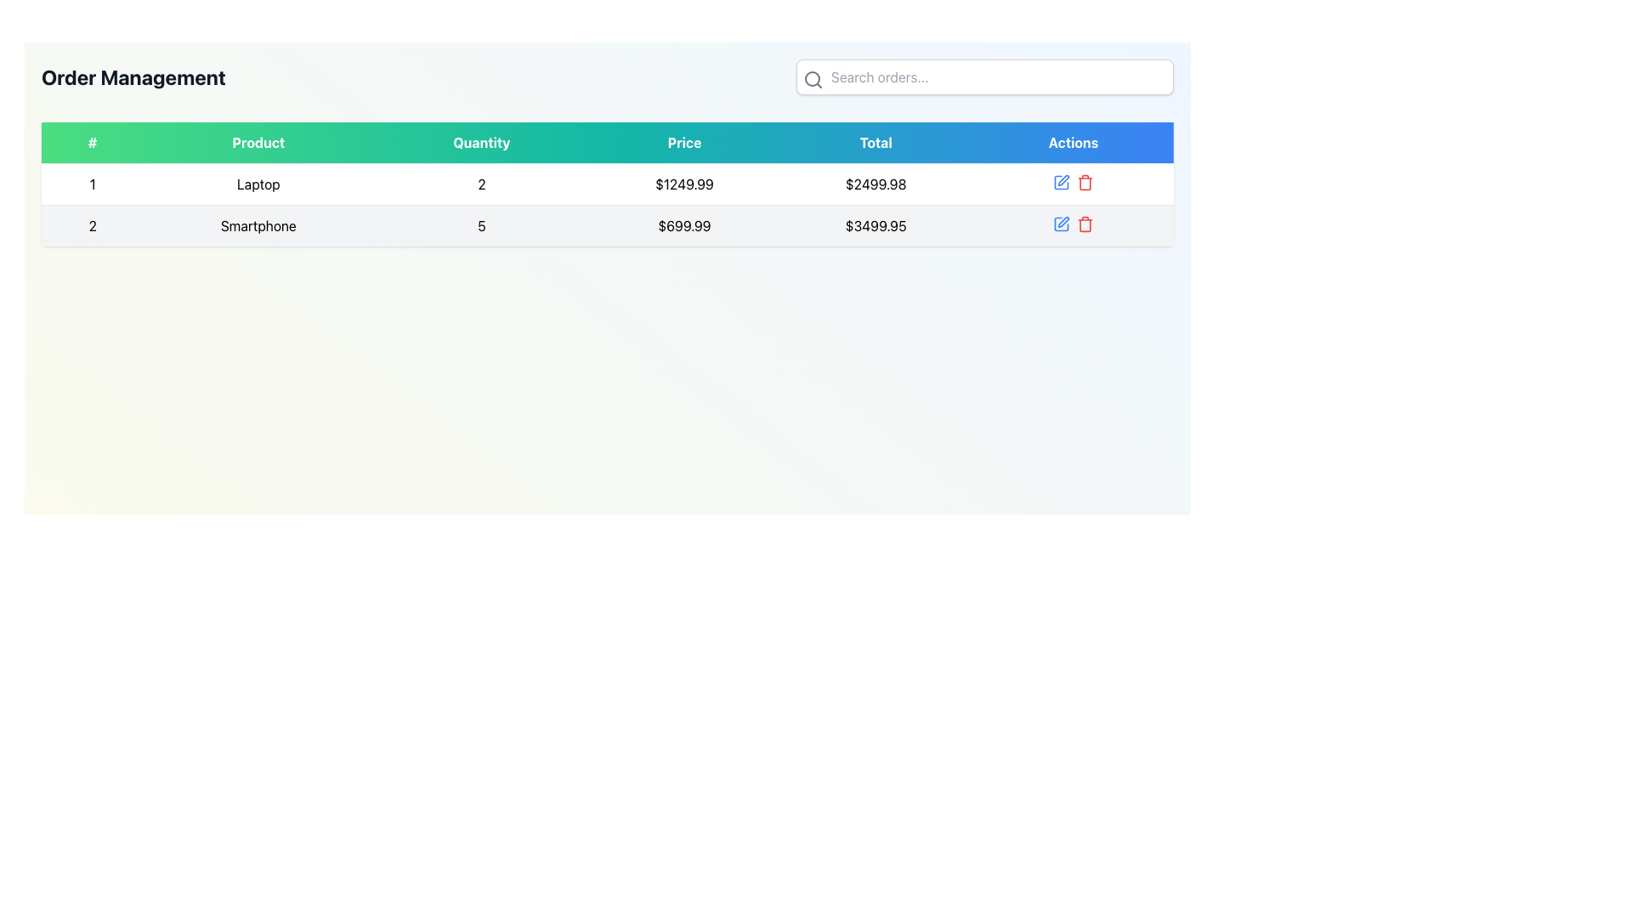  I want to click on the Text Display showing the total price amount '$2499.98' in the 'Total' column of the first row of the tabular data, so click(875, 184).